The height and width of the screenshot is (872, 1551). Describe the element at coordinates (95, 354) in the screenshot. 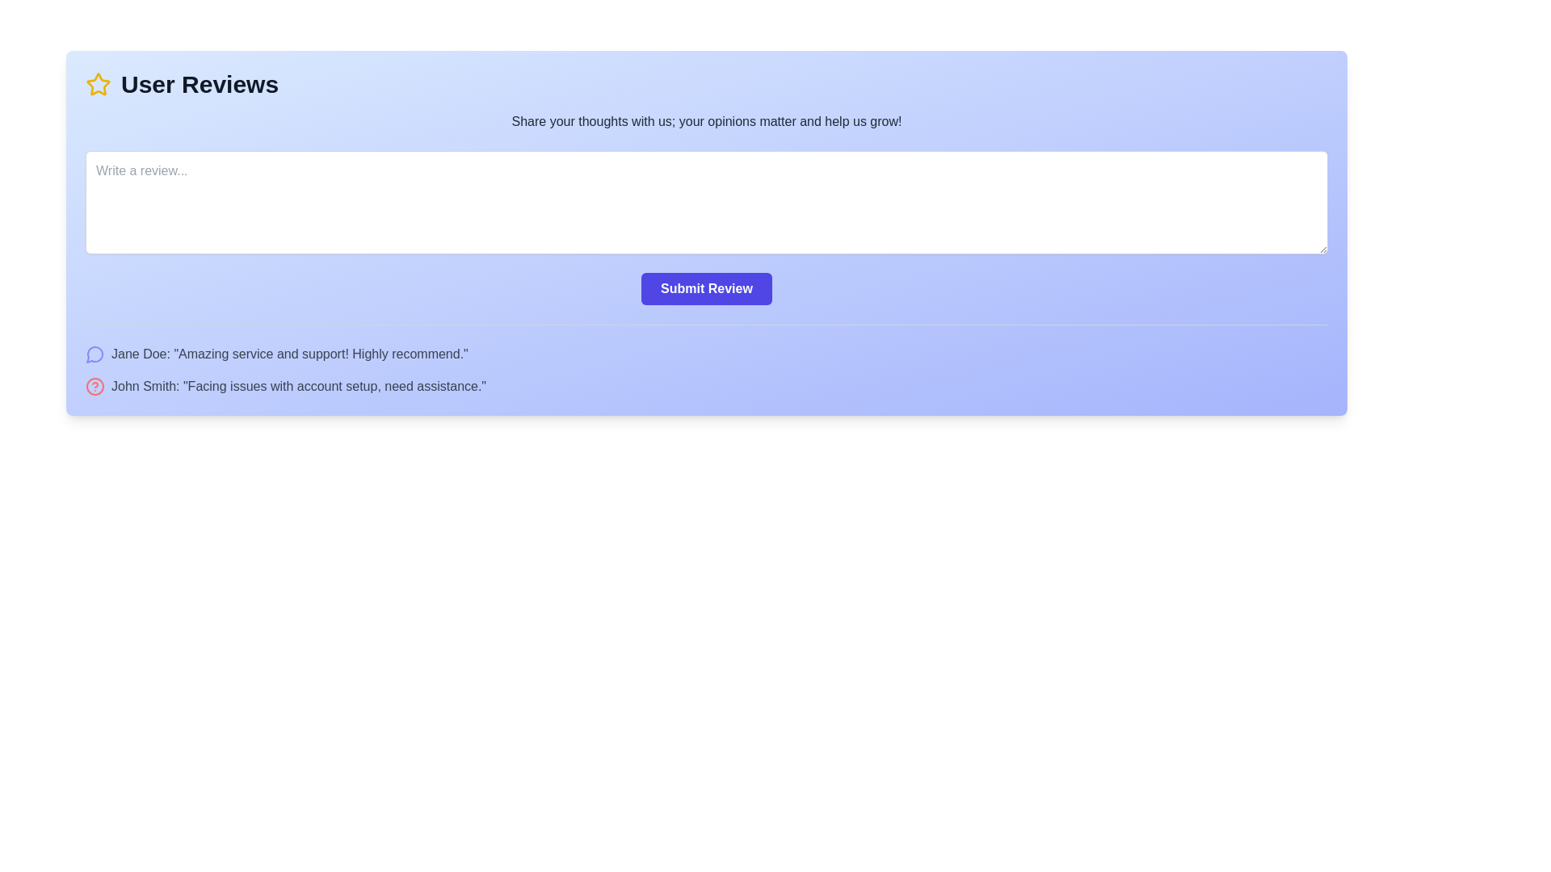

I see `the SVG-based chat bubble icon with a thin outline and hollow center, colored indigo-400, located at the leftmost part of the user feedback block adjacent to the text 'Jane Doe: "Amazing service and support! Highly recommend!"'` at that location.